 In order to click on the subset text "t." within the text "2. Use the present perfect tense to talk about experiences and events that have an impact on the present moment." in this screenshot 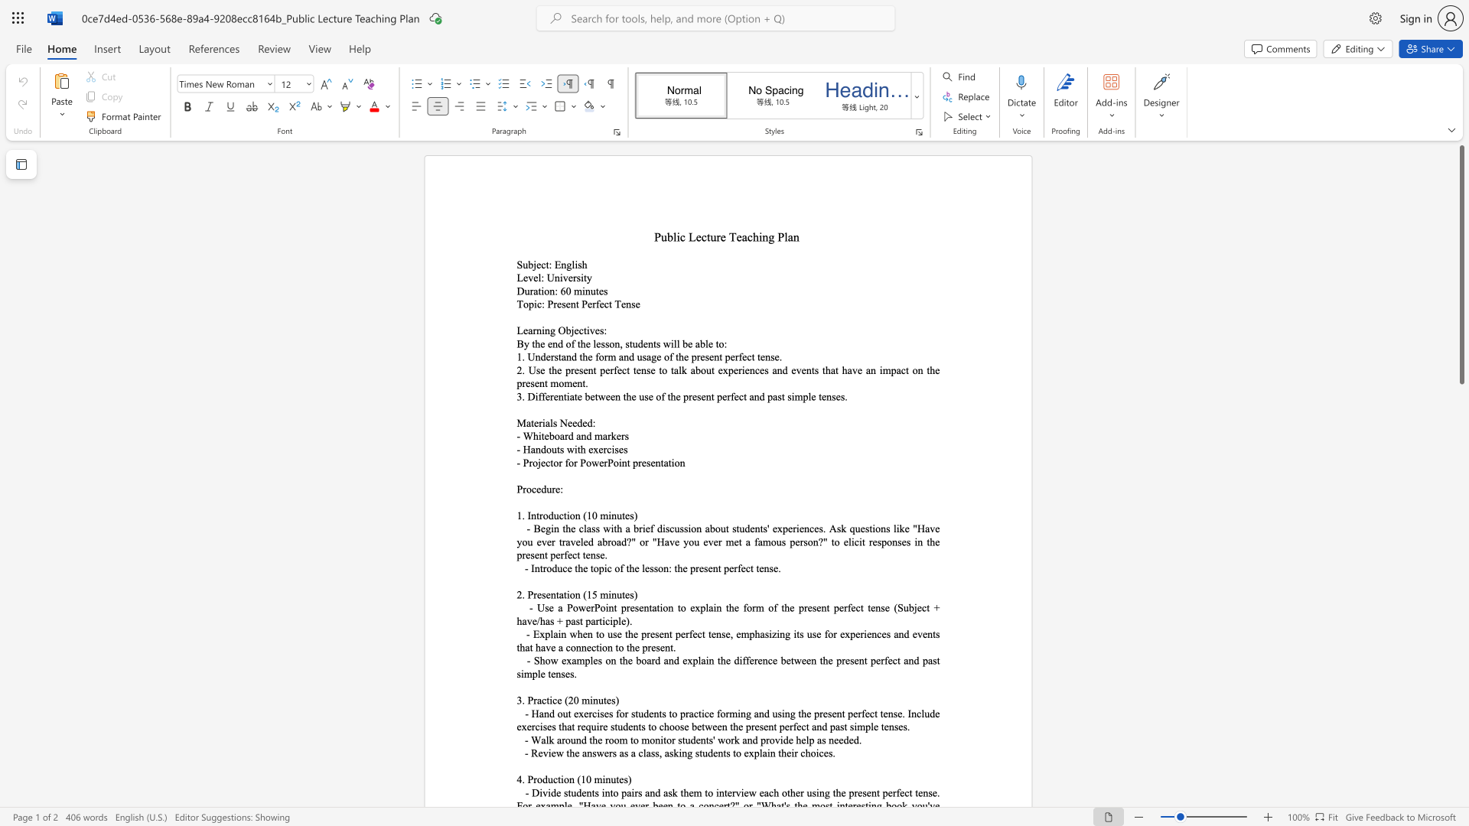, I will do `click(581, 382)`.